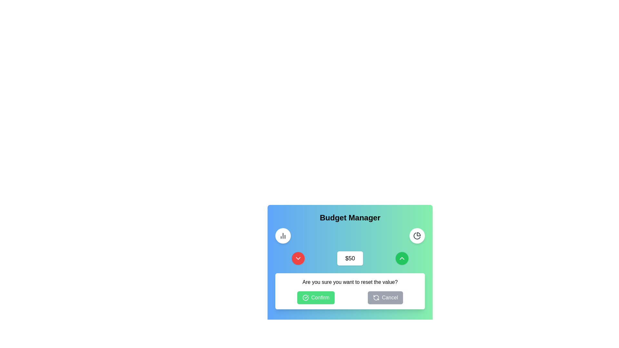 Image resolution: width=619 pixels, height=348 pixels. Describe the element at coordinates (316, 298) in the screenshot. I see `the confirmation button located in the 'Budget Manager' interface dialog to confirm the action` at that location.